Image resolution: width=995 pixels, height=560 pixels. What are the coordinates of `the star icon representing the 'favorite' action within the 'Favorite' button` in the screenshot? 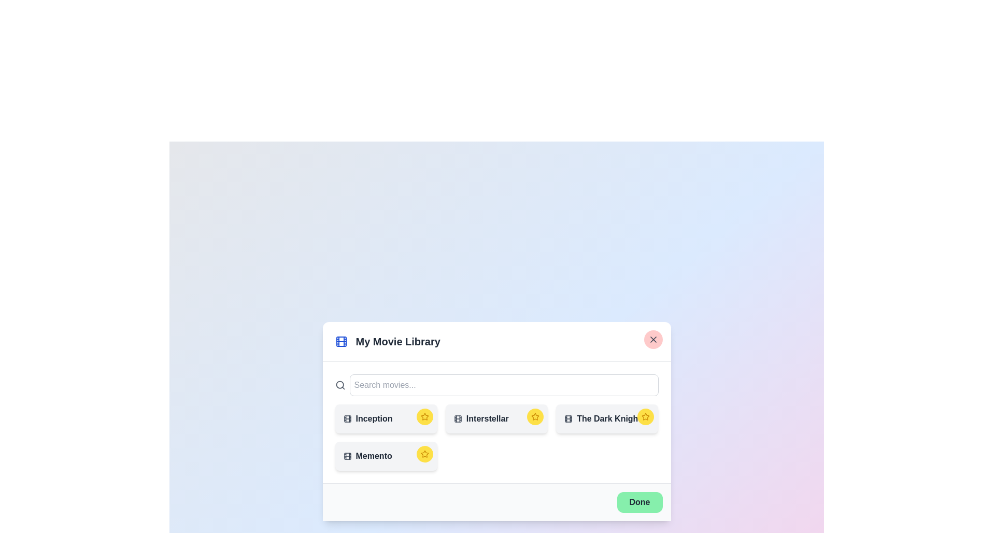 It's located at (645, 416).